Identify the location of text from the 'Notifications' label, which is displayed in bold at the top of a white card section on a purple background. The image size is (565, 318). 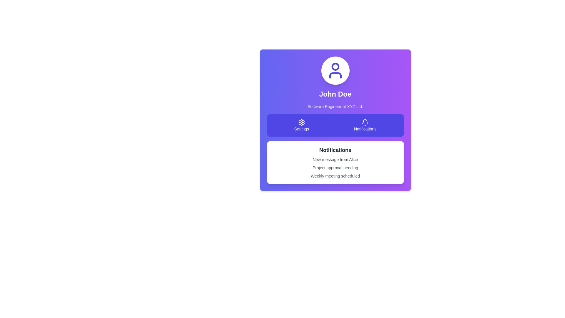
(335, 150).